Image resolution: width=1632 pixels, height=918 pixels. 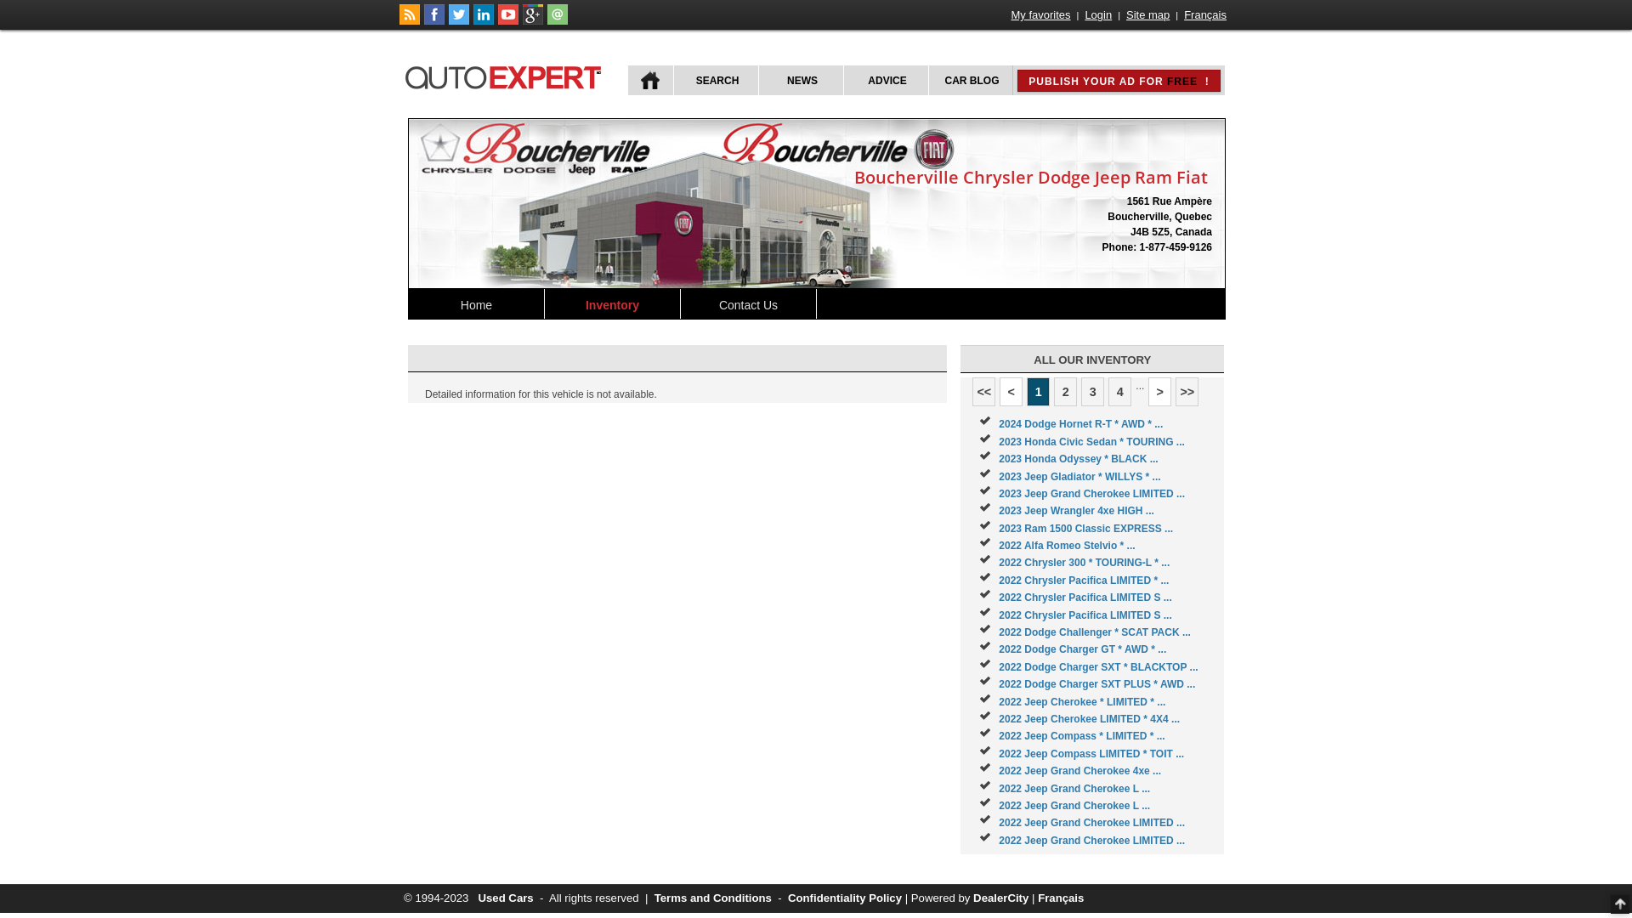 What do you see at coordinates (672, 80) in the screenshot?
I see `'SEARCH'` at bounding box center [672, 80].